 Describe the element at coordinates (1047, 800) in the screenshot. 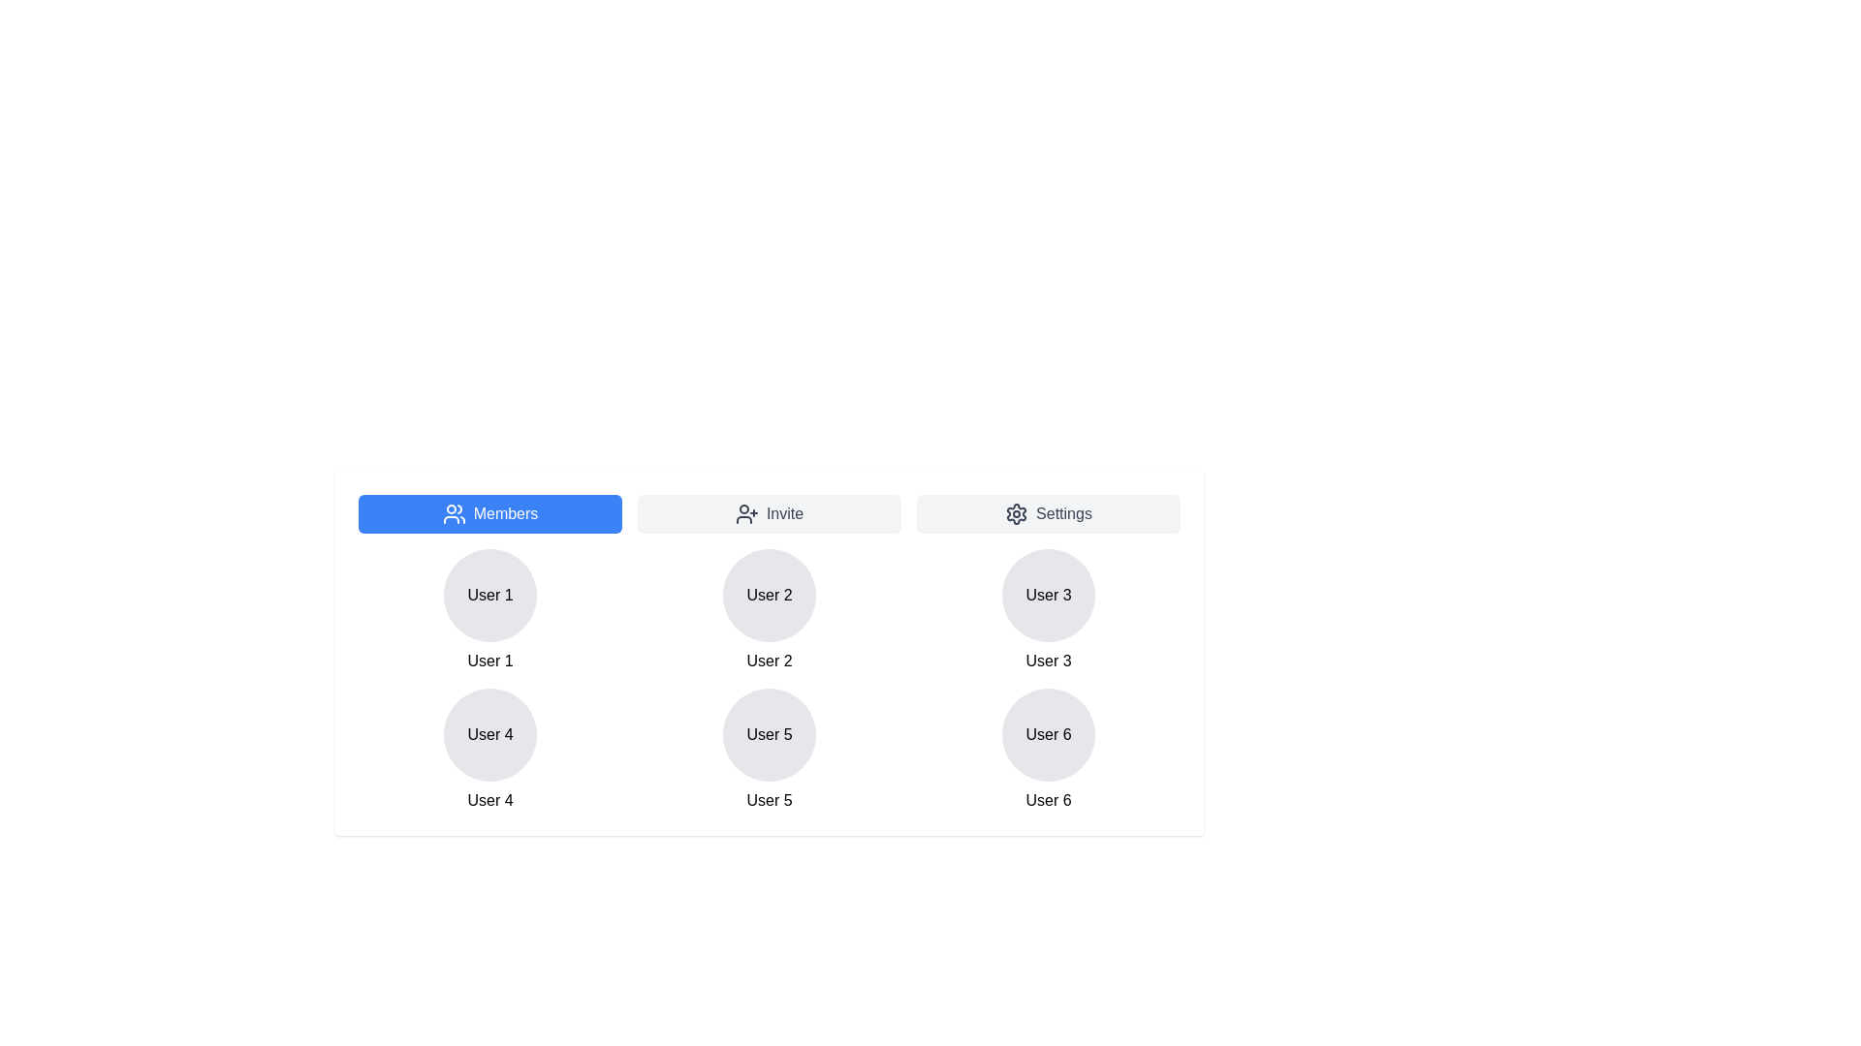

I see `text label 'User 6' located below the circular avatar in the Settings group, positioned at the bottom of the rightmost column` at that location.